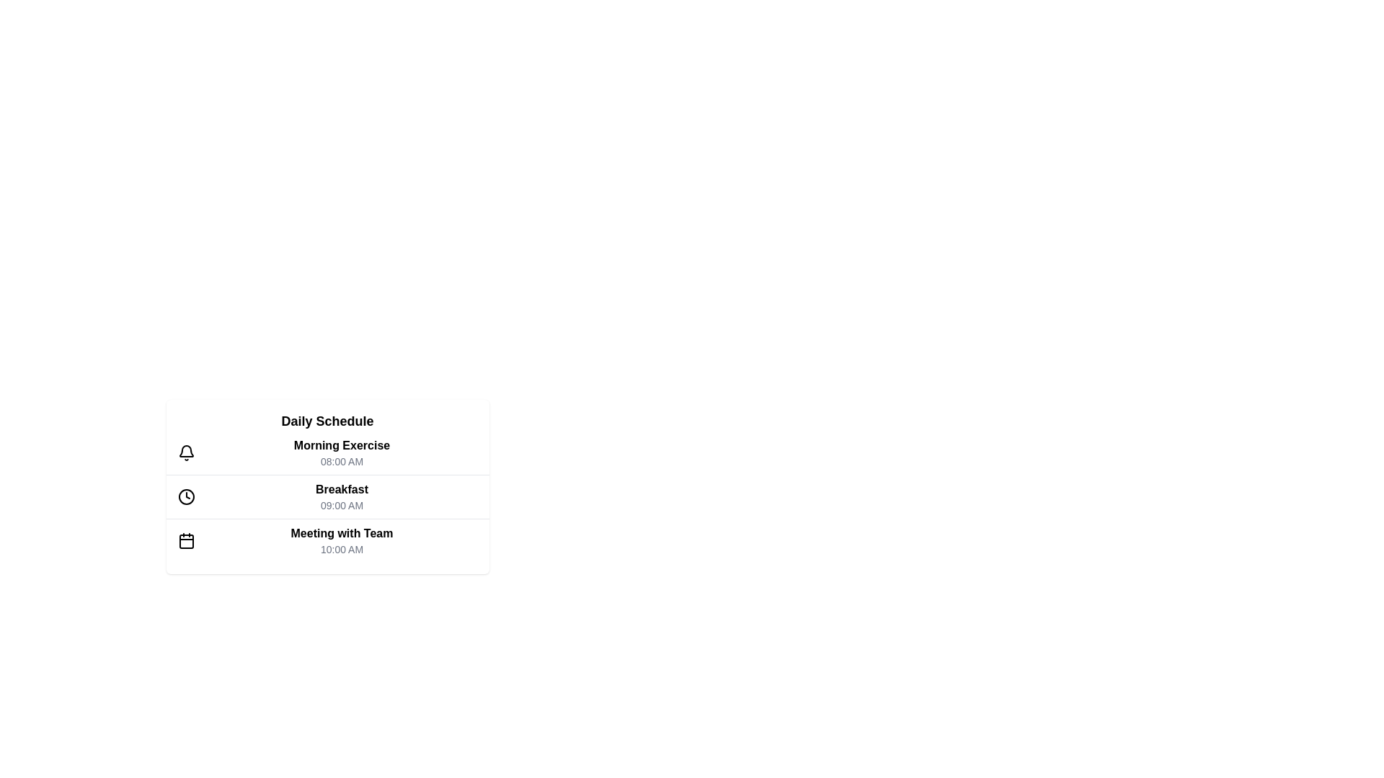 The height and width of the screenshot is (778, 1384). Describe the element at coordinates (341, 488) in the screenshot. I see `scheduled activity title text located in the center of the schedule layout, positioned between 'Morning Exercise' and 'Meeting with Team'` at that location.